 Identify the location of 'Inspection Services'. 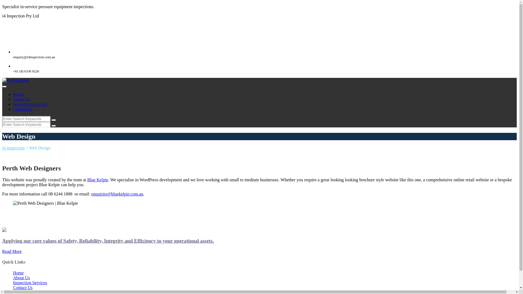
(30, 104).